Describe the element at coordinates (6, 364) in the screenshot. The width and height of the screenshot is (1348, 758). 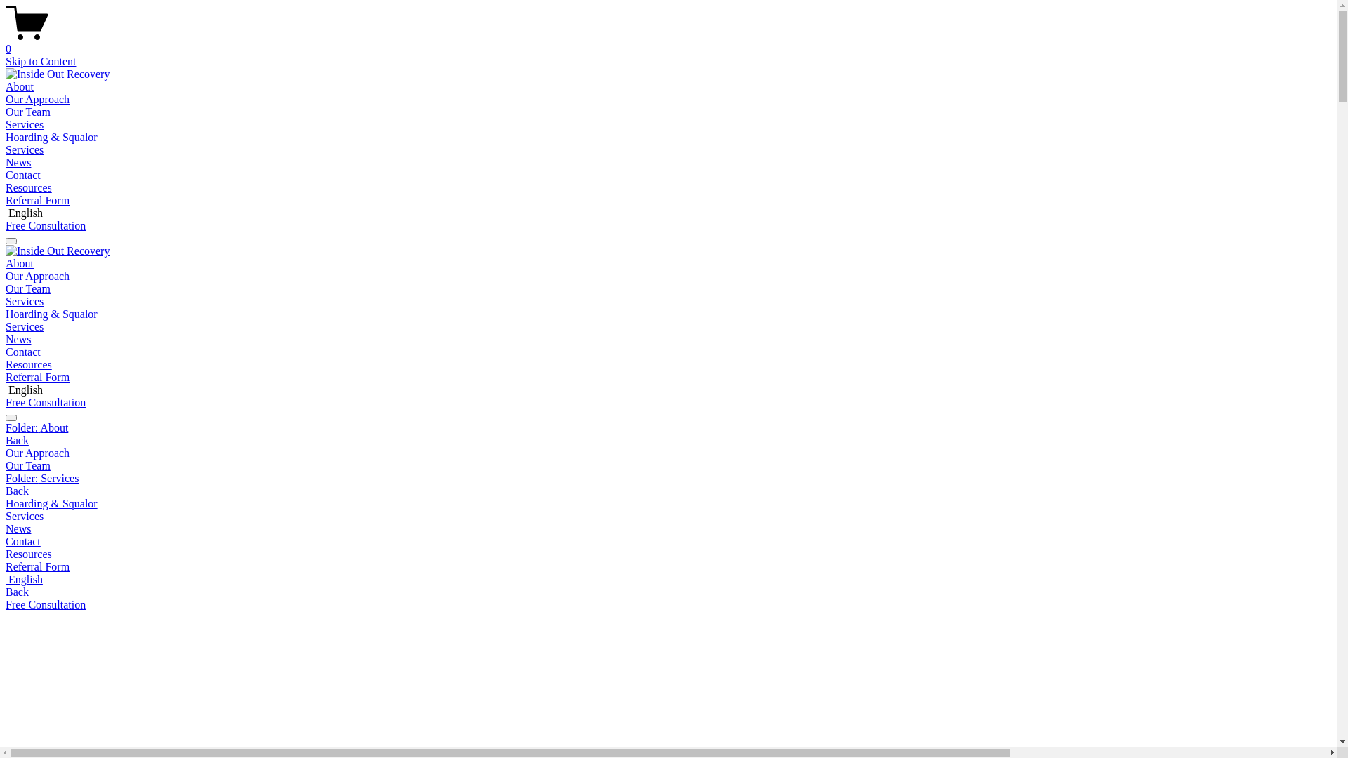
I see `'Resources'` at that location.